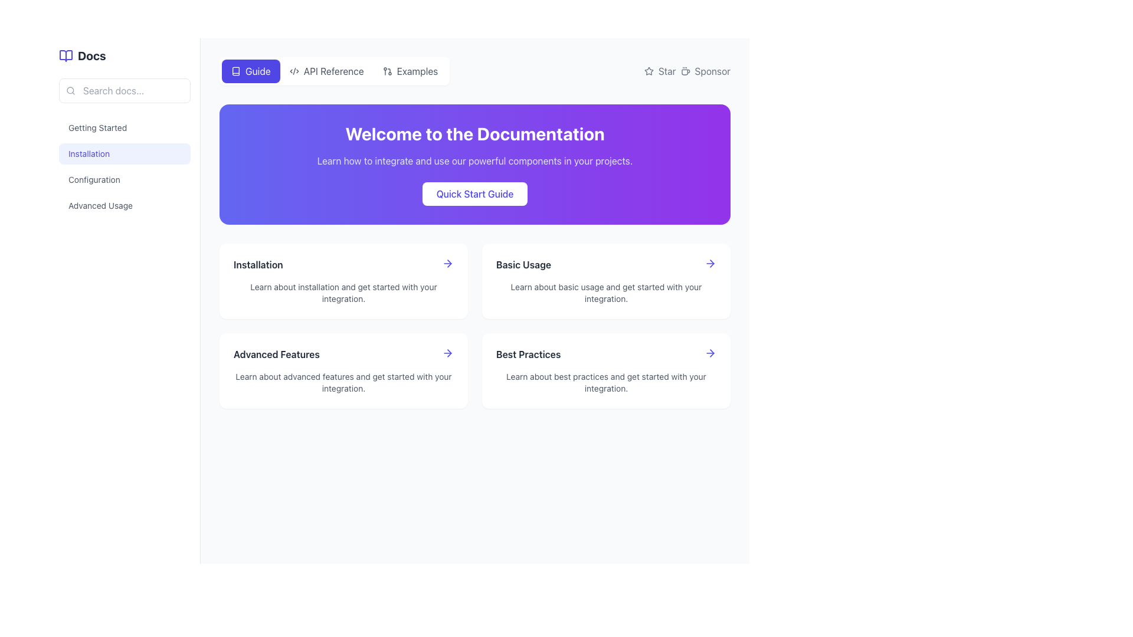  Describe the element at coordinates (447, 263) in the screenshot. I see `the rightward arrow icon, which is indigo and located to the right of the 'Installation' text in the 'Installation' card` at that location.